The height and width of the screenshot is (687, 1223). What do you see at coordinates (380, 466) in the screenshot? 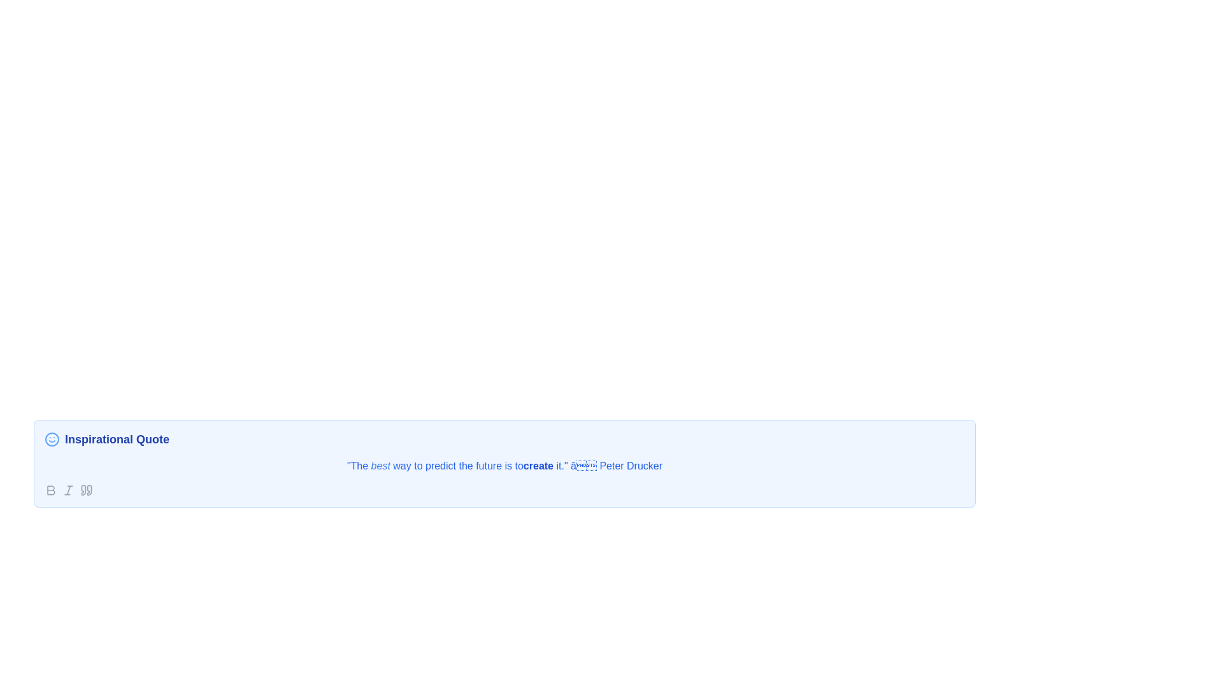
I see `the word 'best', which is styled in an italicized font and colored blue, located in the sentence 'The best way to predict the future...'` at bounding box center [380, 466].